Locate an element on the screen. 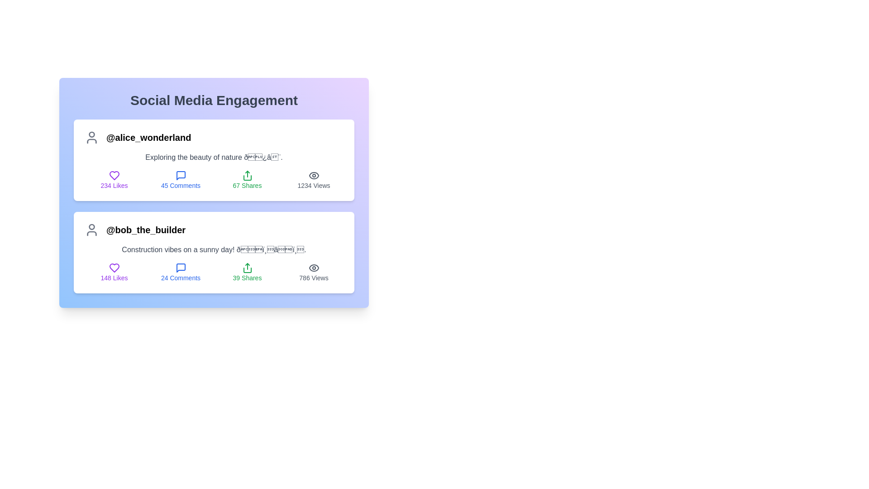 The image size is (869, 489). the eye icon indicating view counts located in the second post area under the username '@bob_the_builder', adjacent to '786 Views' is located at coordinates (314, 267).